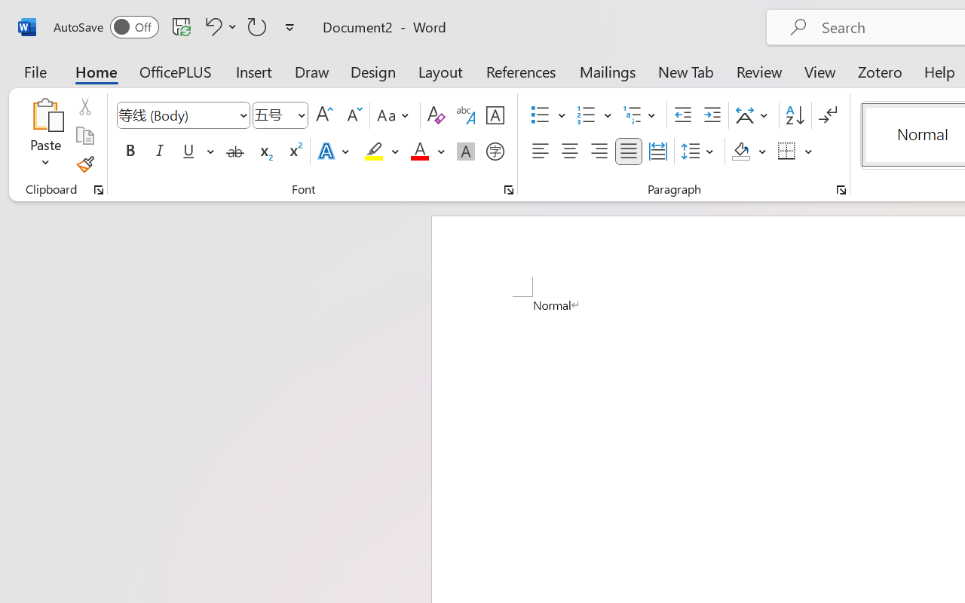  What do you see at coordinates (264, 152) in the screenshot?
I see `'Subscript'` at bounding box center [264, 152].